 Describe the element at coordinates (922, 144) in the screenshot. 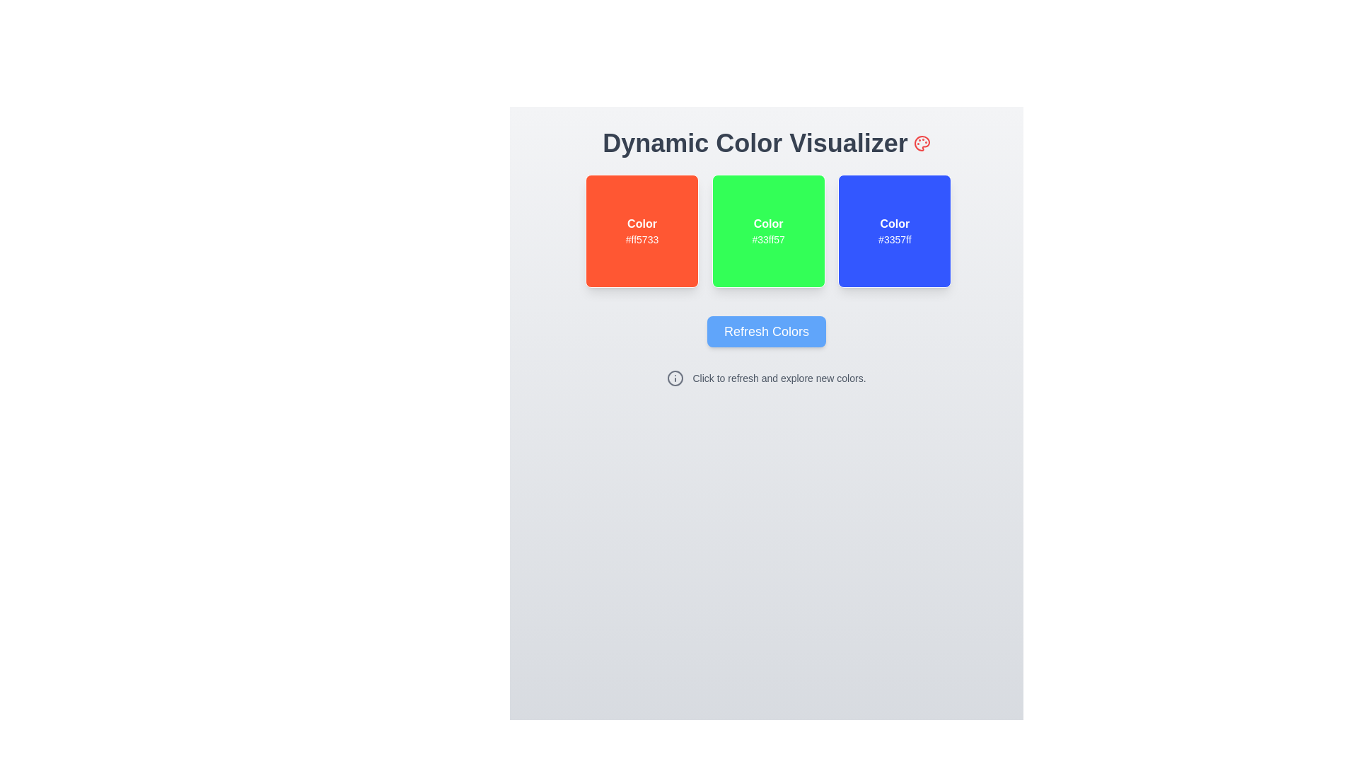

I see `the decorative icon associated with the 'Dynamic Color Visualizer' header` at that location.